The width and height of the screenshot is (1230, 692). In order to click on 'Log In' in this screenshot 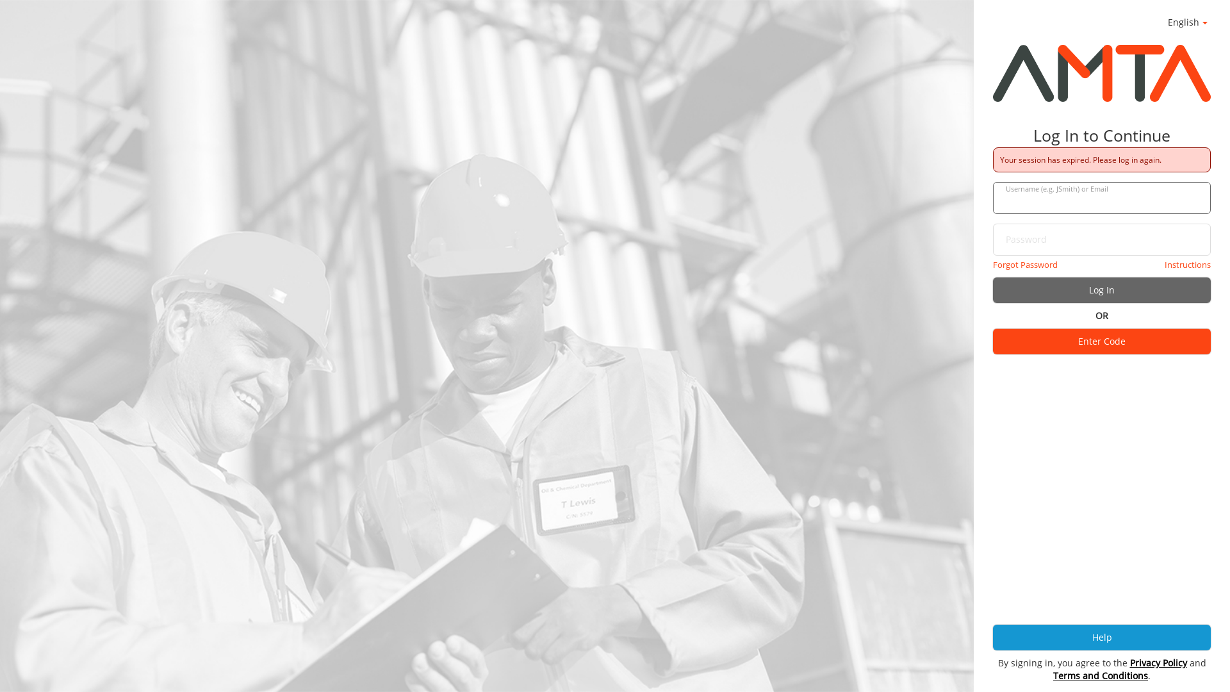, I will do `click(1101, 290)`.